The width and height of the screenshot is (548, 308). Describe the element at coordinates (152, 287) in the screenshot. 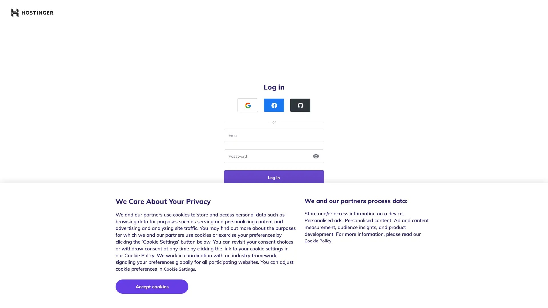

I see `Accept cookies` at that location.